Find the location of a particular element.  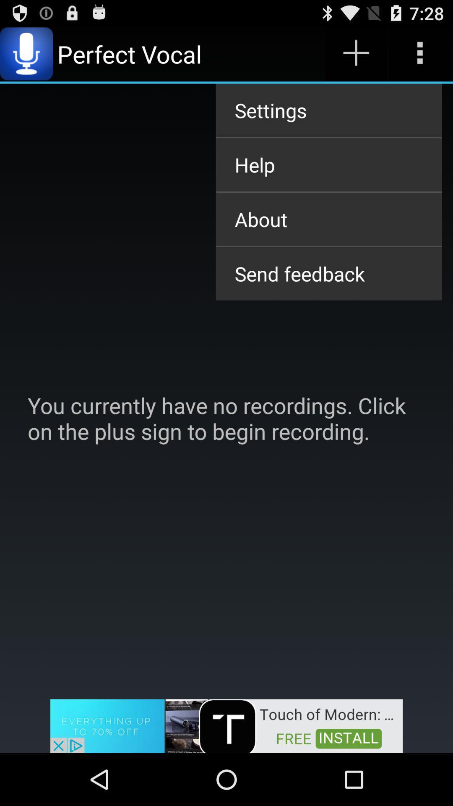

record is located at coordinates (356, 53).